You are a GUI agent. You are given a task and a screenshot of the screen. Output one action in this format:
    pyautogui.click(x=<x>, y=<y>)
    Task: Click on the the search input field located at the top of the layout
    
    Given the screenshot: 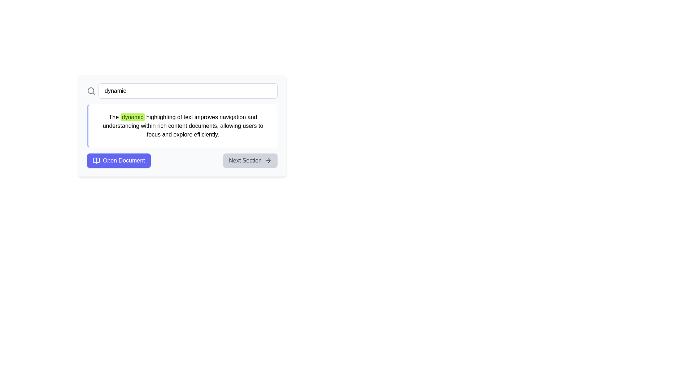 What is the action you would take?
    pyautogui.click(x=182, y=90)
    